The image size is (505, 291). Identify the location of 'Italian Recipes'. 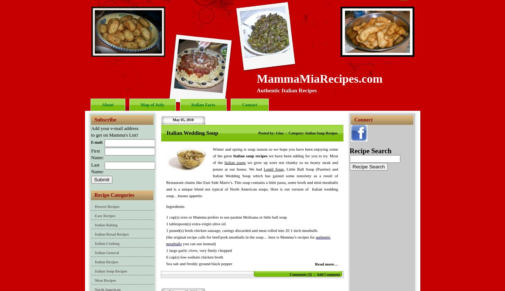
(106, 262).